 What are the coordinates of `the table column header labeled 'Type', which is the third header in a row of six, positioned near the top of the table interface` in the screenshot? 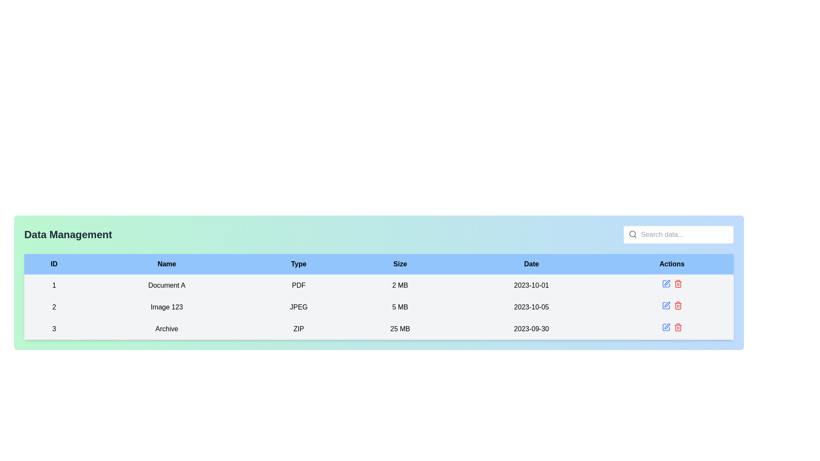 It's located at (299, 263).